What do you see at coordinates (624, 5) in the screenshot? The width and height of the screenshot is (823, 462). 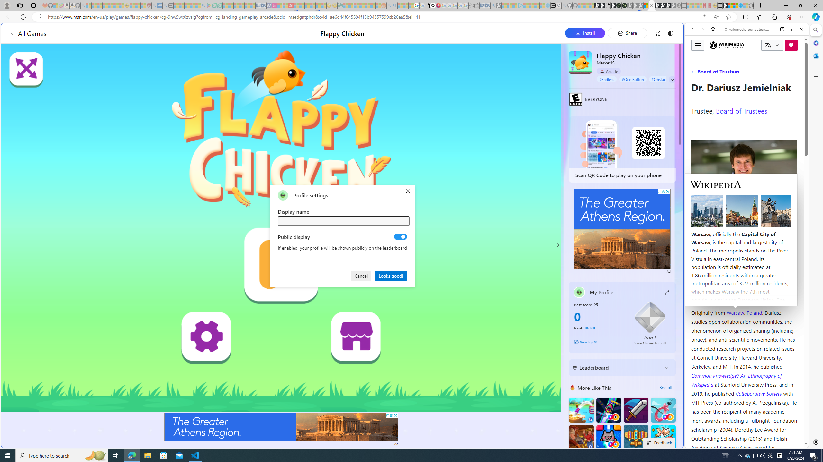 I see `'Future Focus Report 2024'` at bounding box center [624, 5].